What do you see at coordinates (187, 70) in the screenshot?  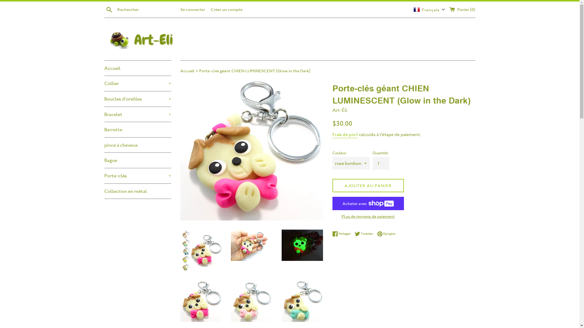 I see `'Accueil'` at bounding box center [187, 70].